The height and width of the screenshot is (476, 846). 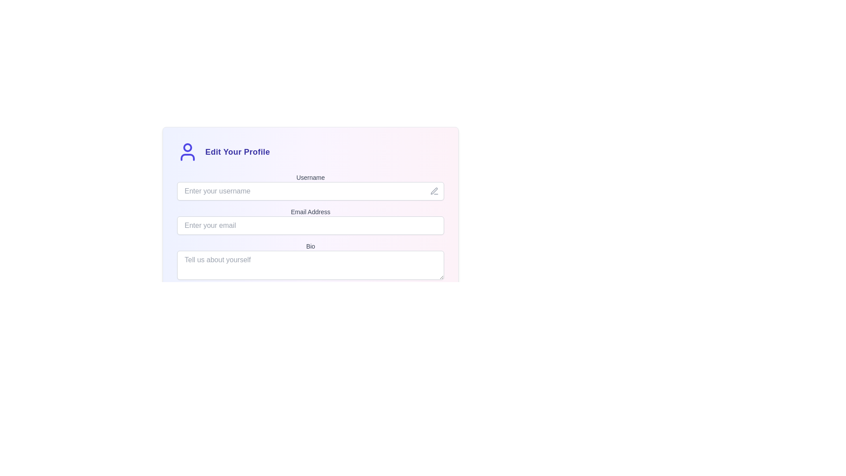 I want to click on the 'Bio' text label, which is a small, bold, gray label positioned above the text input field labeled 'Tell us about yourself', so click(x=311, y=246).